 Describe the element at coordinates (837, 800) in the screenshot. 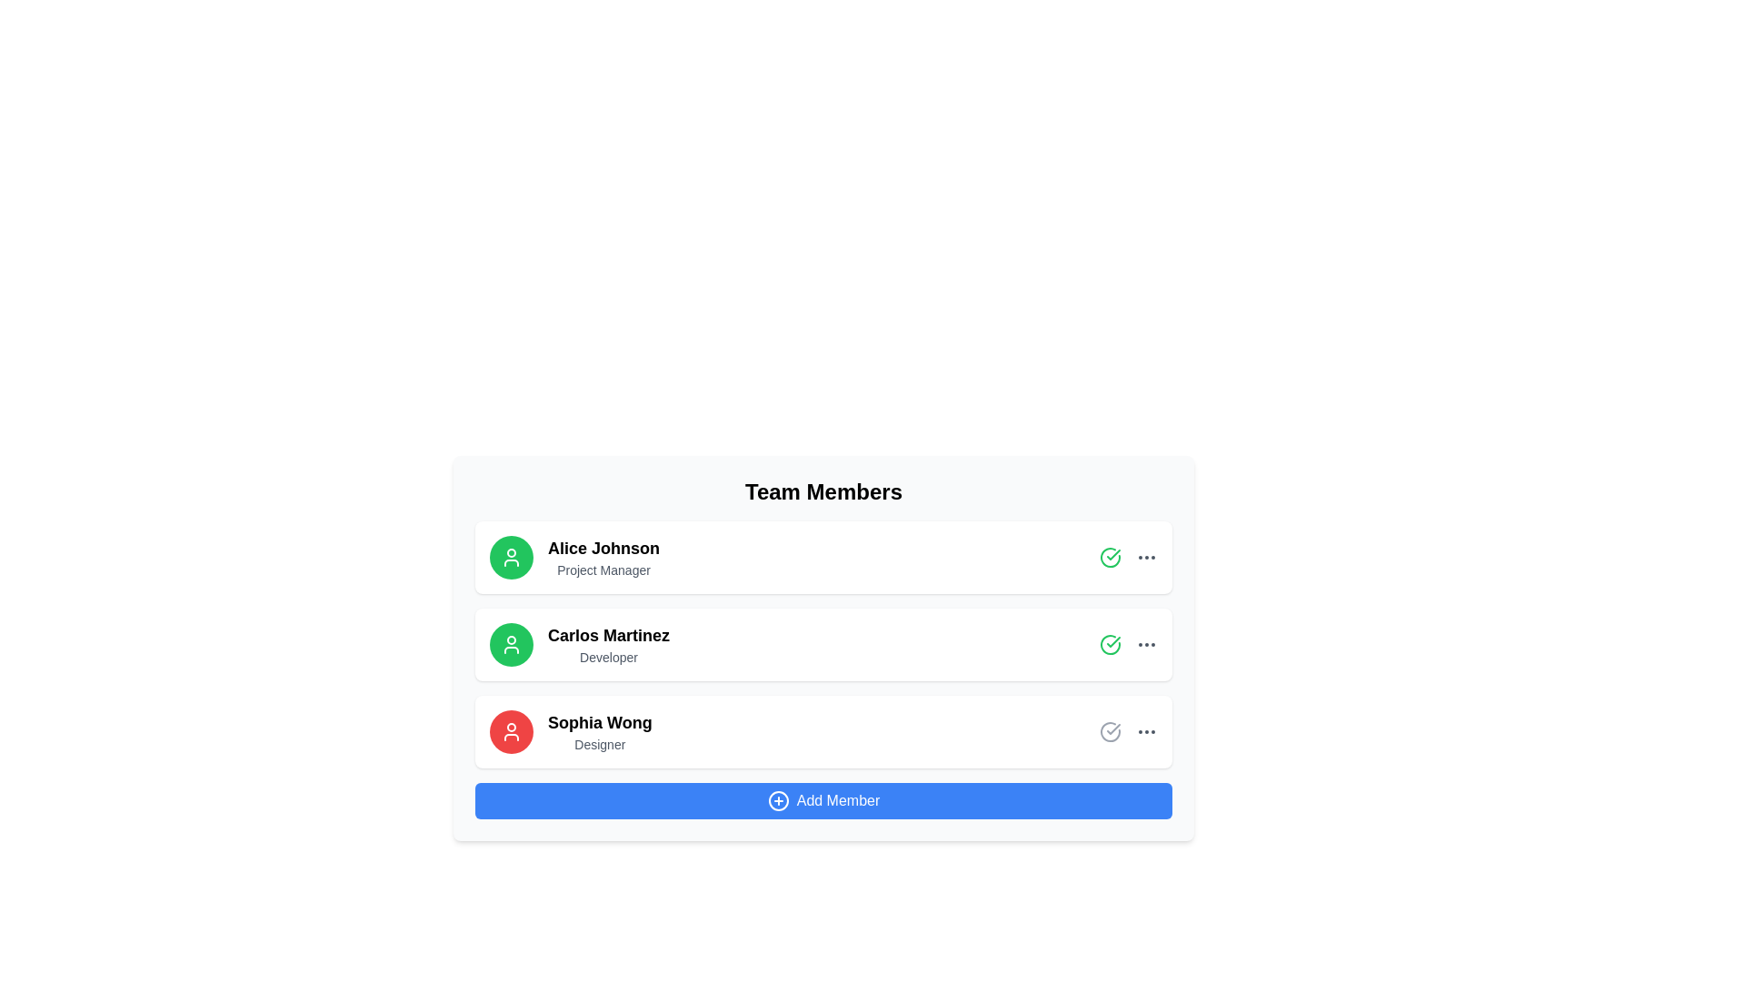

I see `the 'Add Member' text label element, which is styled with a white font color and positioned next to a '+' circle icon` at that location.